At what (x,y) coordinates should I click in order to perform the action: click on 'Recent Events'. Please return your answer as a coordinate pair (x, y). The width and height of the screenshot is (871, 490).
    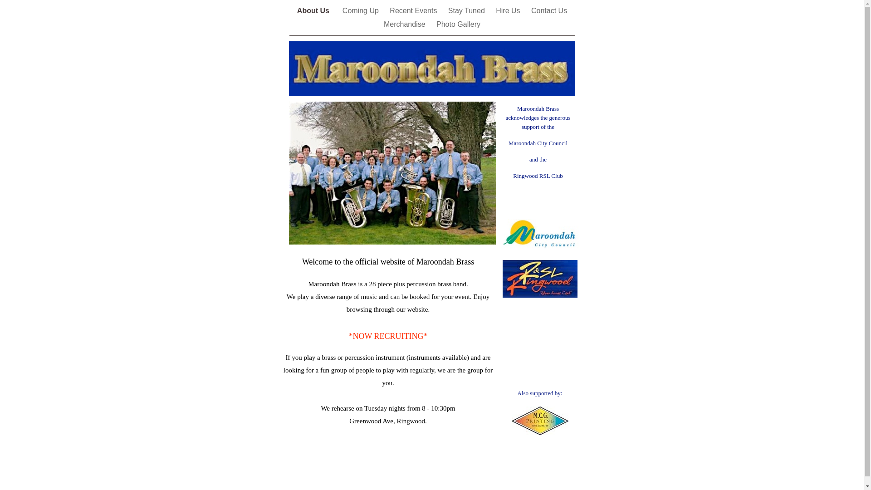
    Looking at the image, I should click on (414, 10).